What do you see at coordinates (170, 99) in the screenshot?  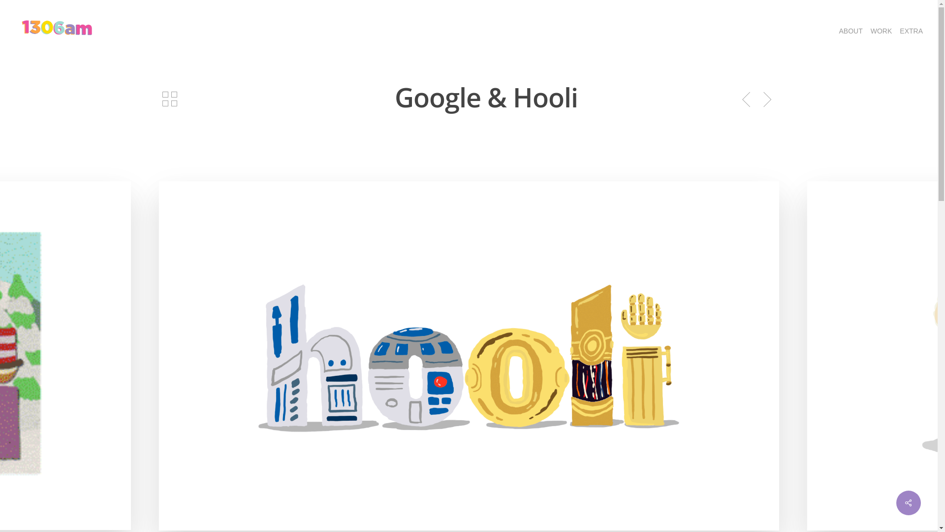 I see `'Back to all projects'` at bounding box center [170, 99].